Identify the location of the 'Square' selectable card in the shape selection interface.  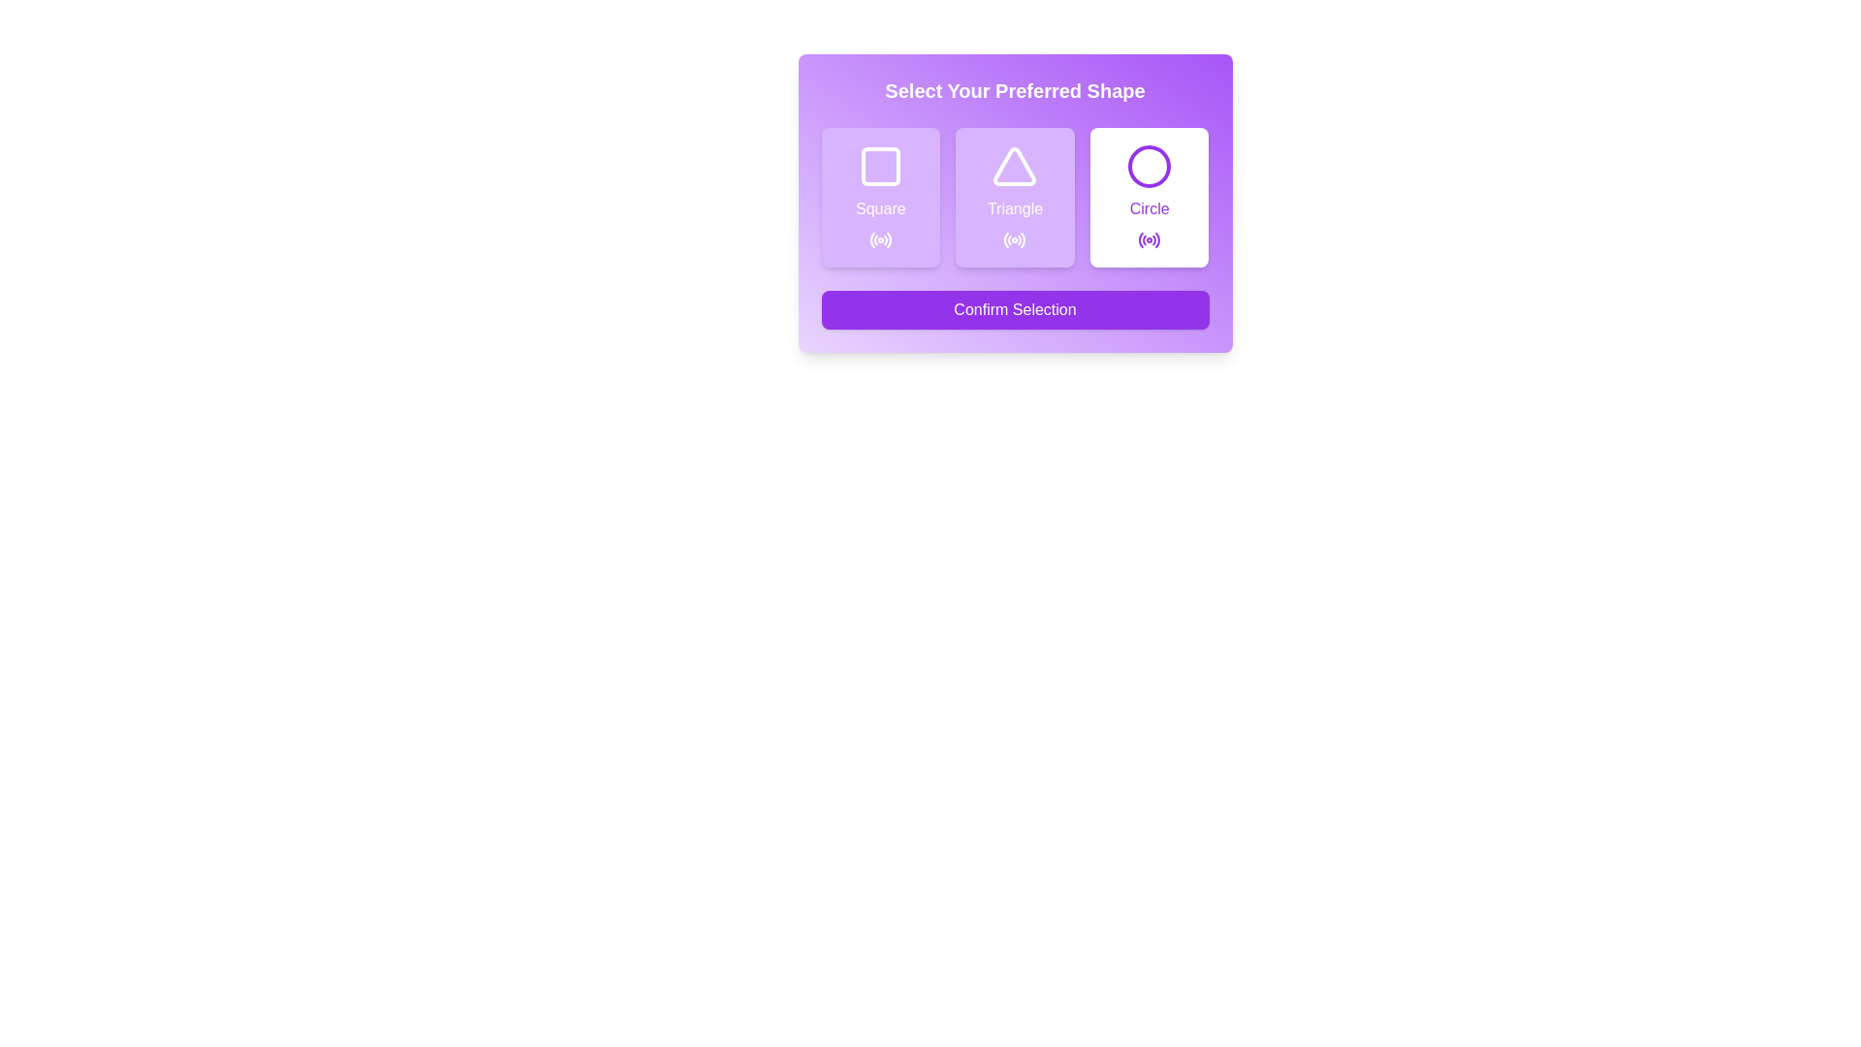
(879, 198).